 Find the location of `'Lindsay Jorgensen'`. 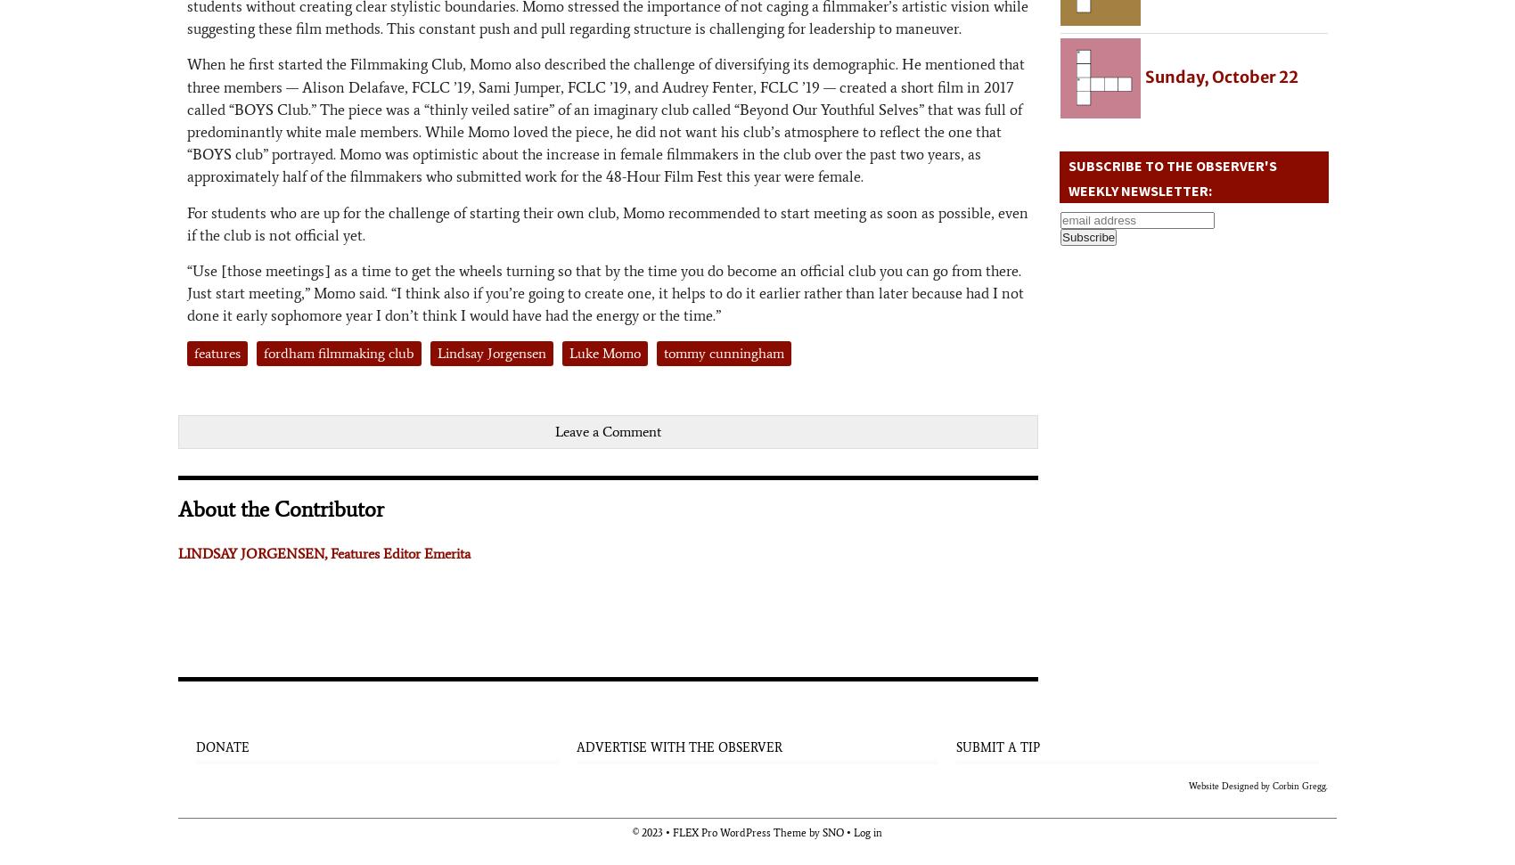

'Lindsay Jorgensen' is located at coordinates (490, 351).